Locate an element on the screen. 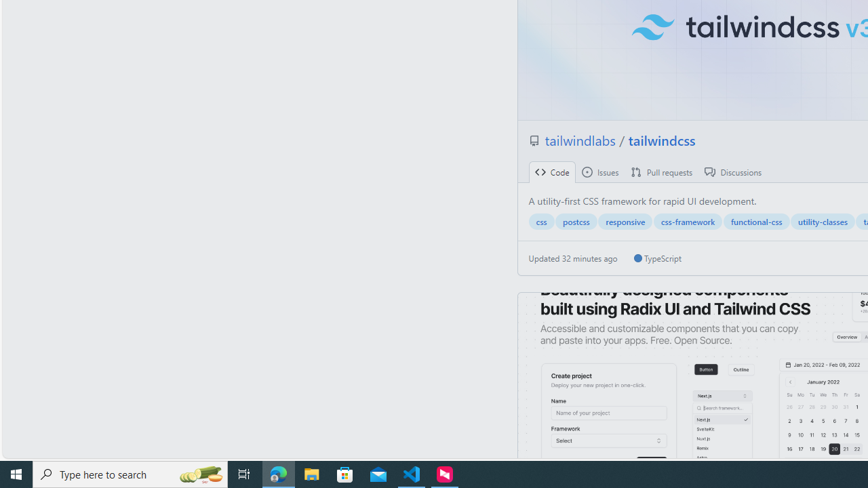  'responsive' is located at coordinates (625, 221).